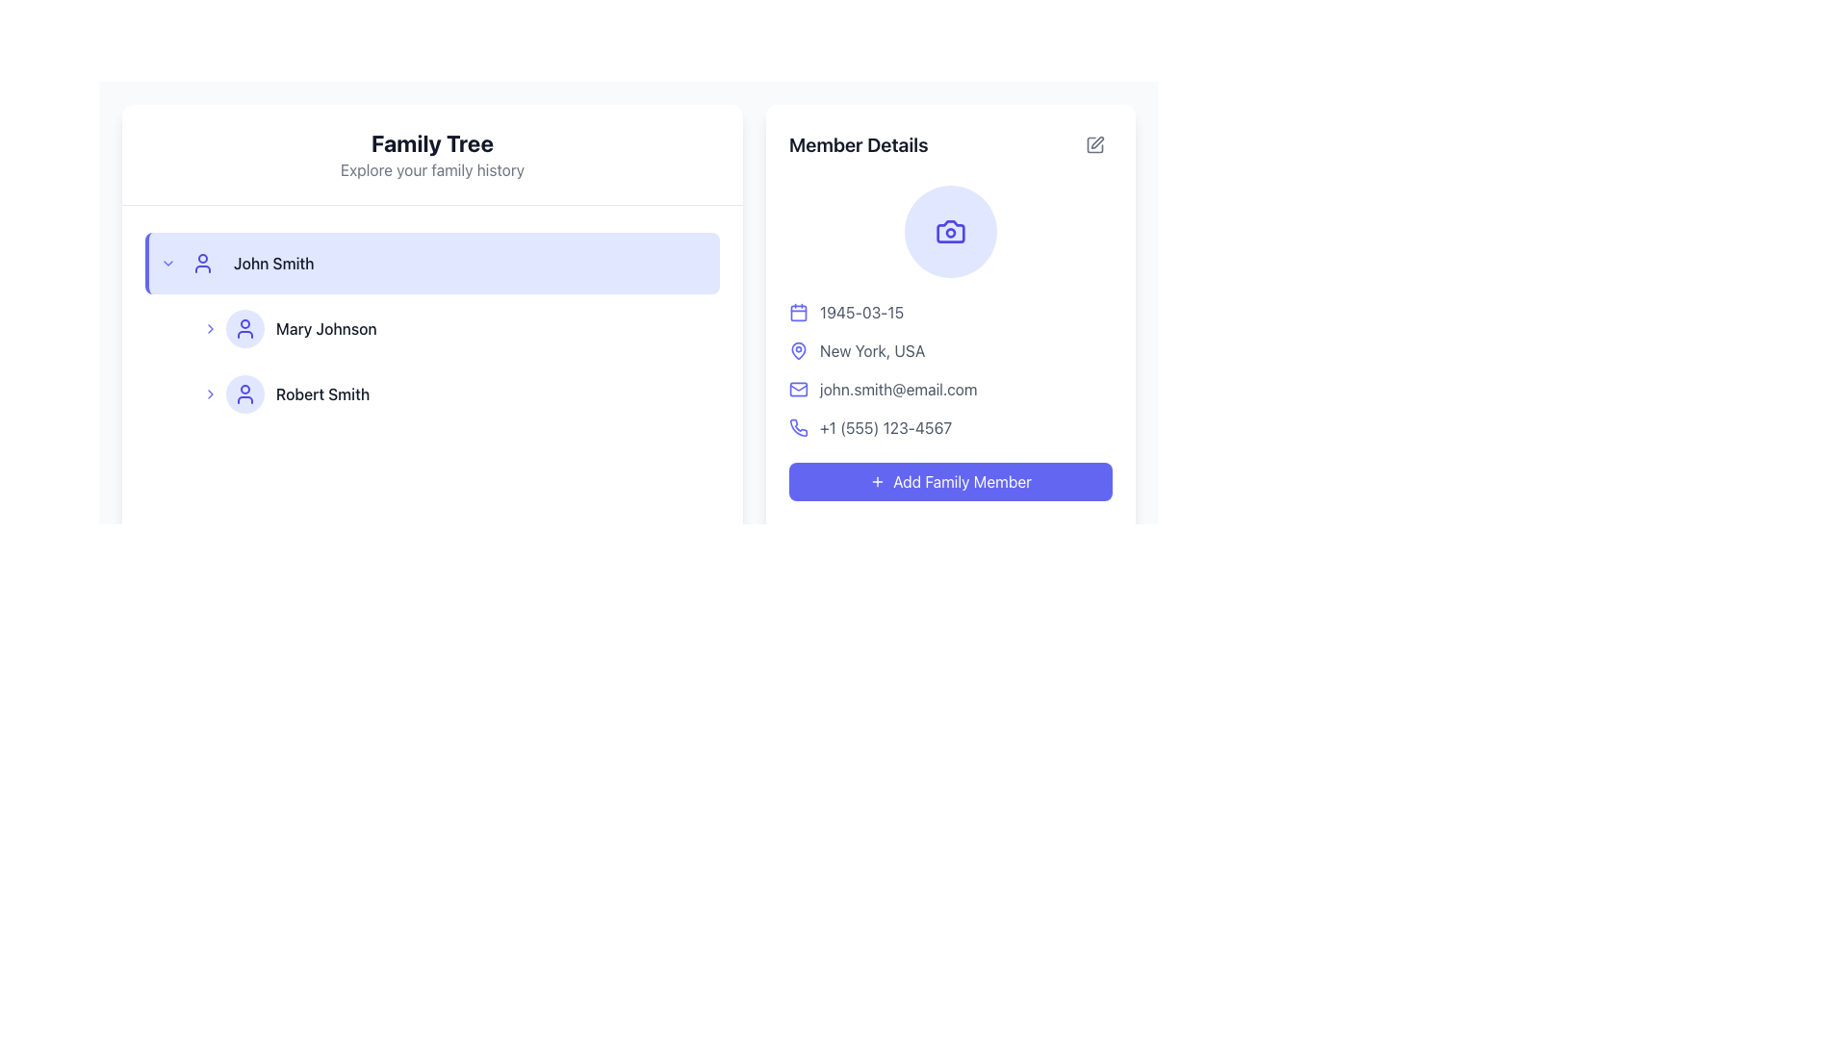  Describe the element at coordinates (244, 328) in the screenshot. I see `the indigo user profile icon located in the 'Family Tree' section, which is the second icon to the left of the 'Mary Johnson' text` at that location.